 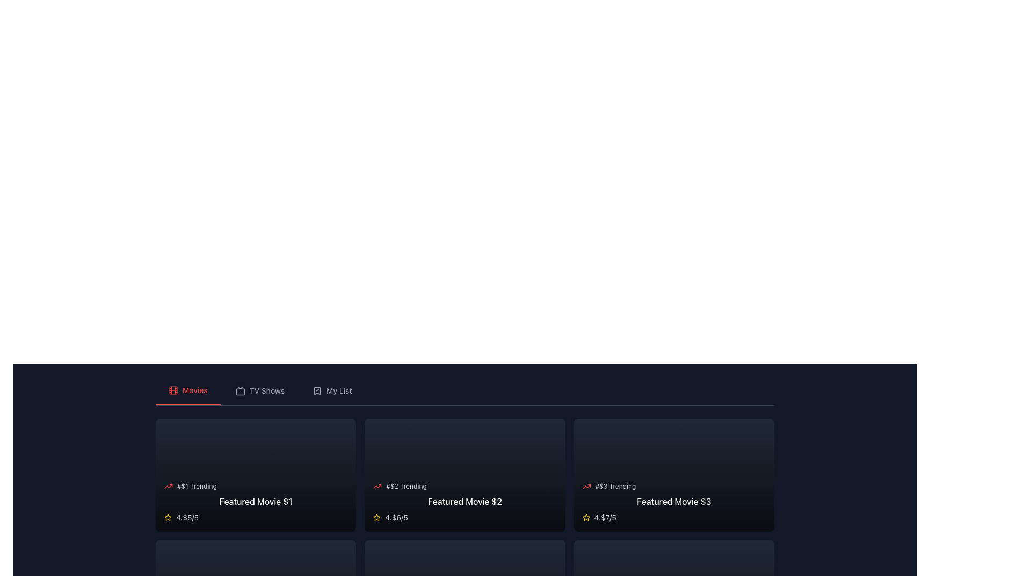 I want to click on the Navigation menu option located at the top-centered section of the interface, so click(x=464, y=391).